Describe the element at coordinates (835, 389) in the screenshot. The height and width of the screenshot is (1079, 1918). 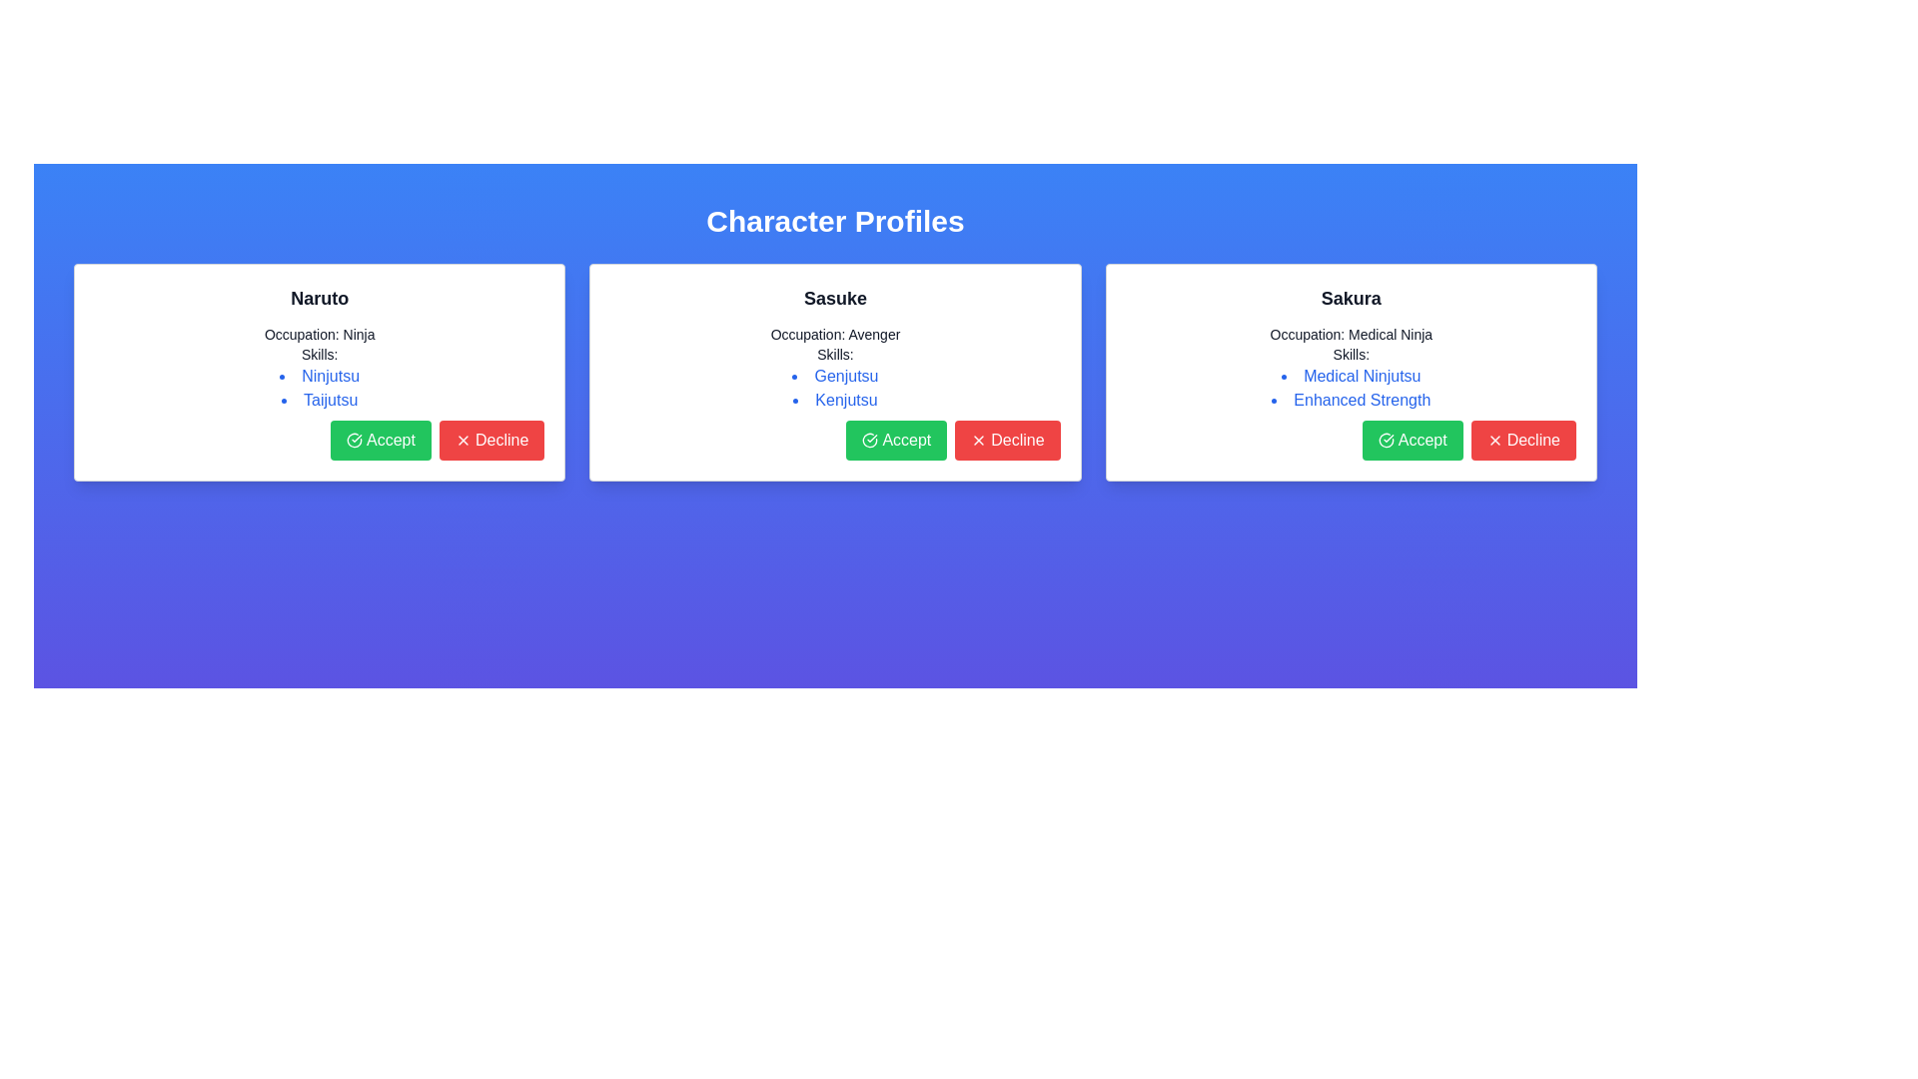
I see `the 'Genjutsu' and 'Kenjutsu' skills listed in blue under the 'Skills:' label in the 'Sasuke' character profile card` at that location.